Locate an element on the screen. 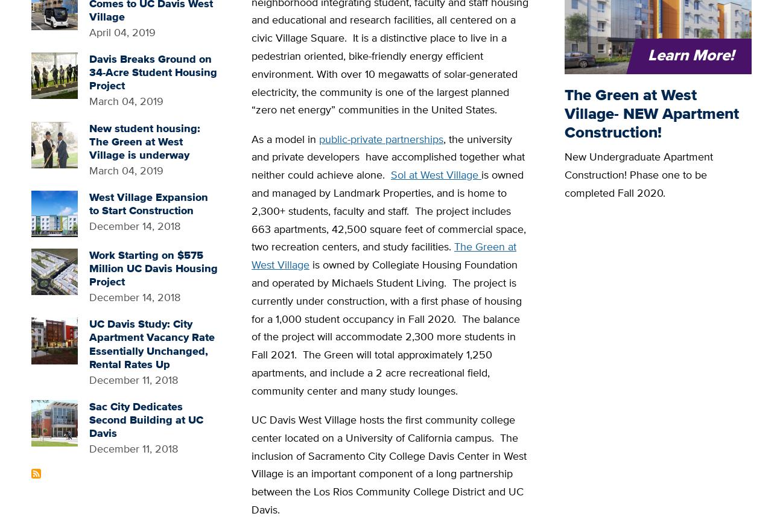 The width and height of the screenshot is (783, 531). 'Davis Breaks Ground on 34-Acre Student Housing Project' is located at coordinates (88, 72).